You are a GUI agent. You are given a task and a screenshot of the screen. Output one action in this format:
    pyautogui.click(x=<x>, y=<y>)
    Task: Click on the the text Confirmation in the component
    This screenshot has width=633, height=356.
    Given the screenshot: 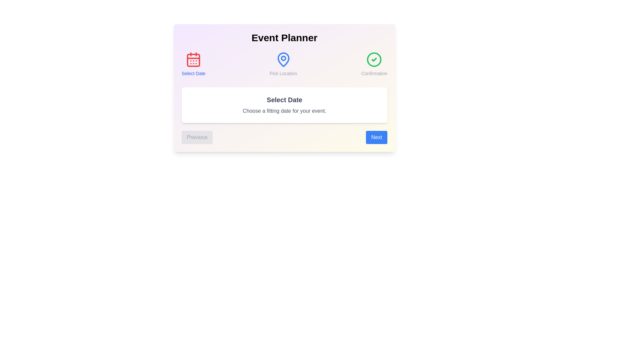 What is the action you would take?
    pyautogui.click(x=374, y=64)
    